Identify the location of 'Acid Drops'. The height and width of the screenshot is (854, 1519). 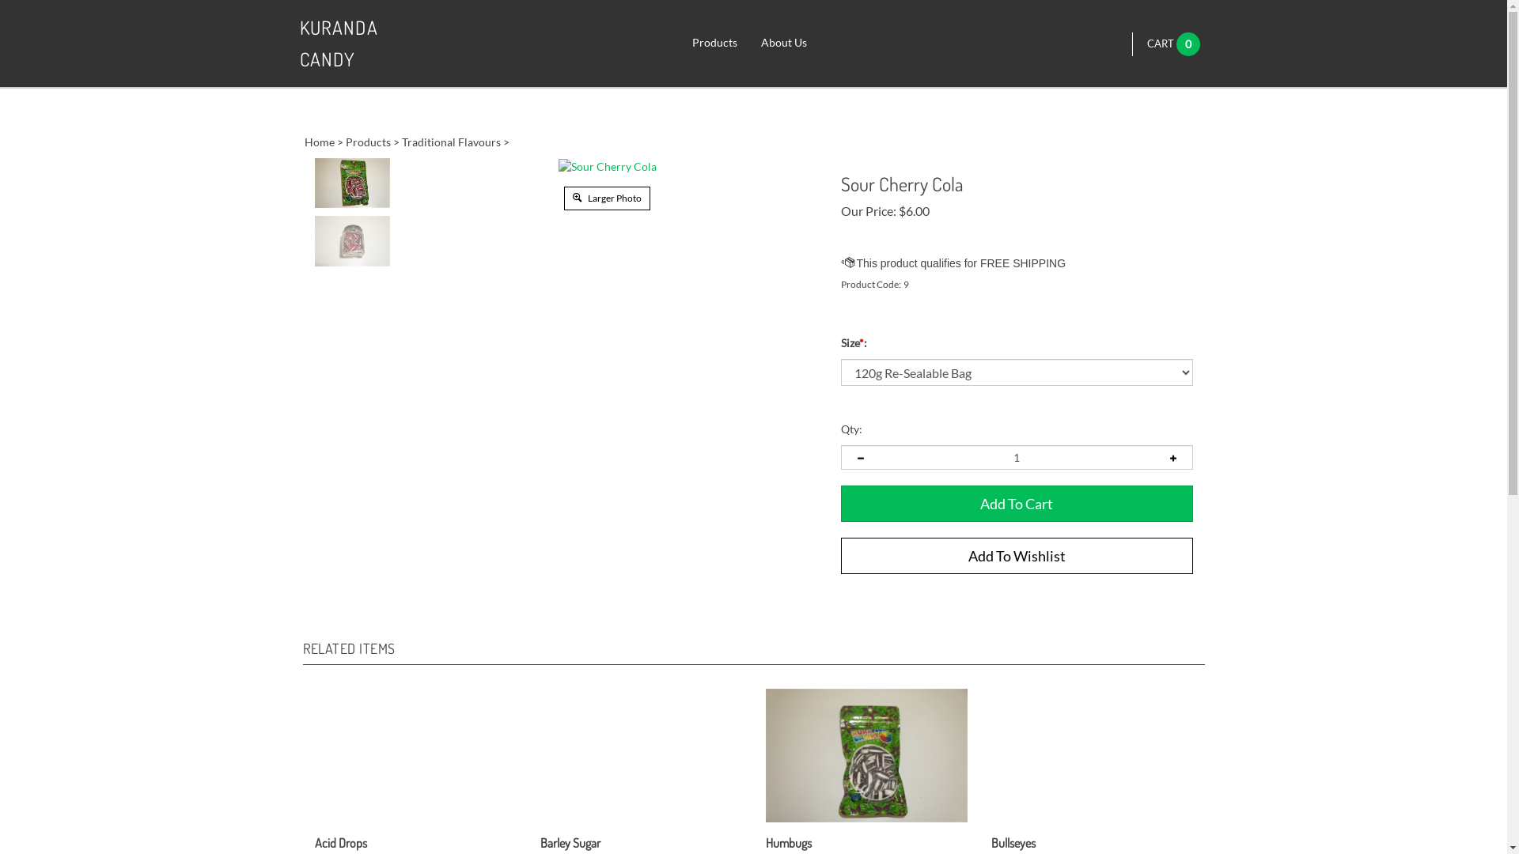
(315, 821).